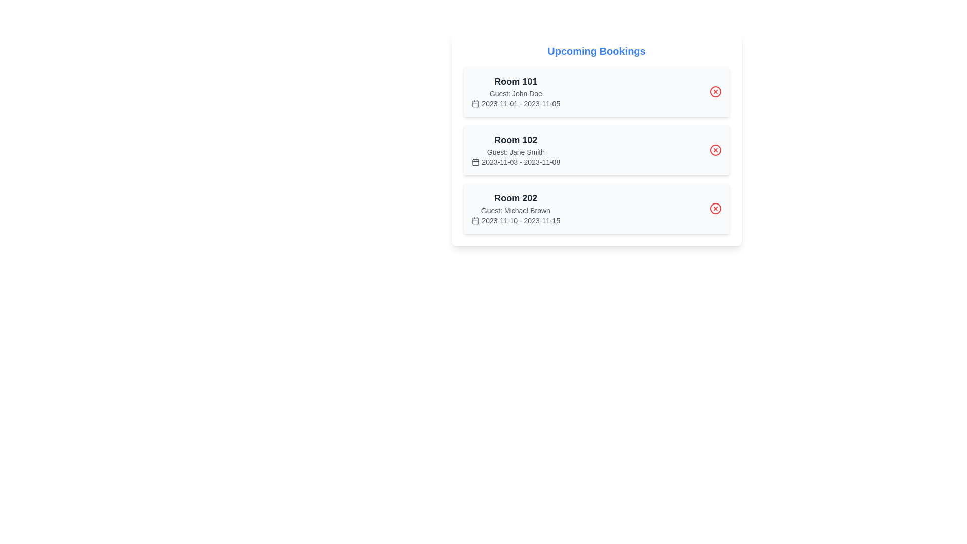 This screenshot has height=544, width=967. What do you see at coordinates (475, 220) in the screenshot?
I see `the booking date range icon located in the third booking card of the 'Upcoming Bookings' section, positioned just below 'Guest: Michael Brown' and next to '2023-11-10 - 2023-11-15'` at bounding box center [475, 220].